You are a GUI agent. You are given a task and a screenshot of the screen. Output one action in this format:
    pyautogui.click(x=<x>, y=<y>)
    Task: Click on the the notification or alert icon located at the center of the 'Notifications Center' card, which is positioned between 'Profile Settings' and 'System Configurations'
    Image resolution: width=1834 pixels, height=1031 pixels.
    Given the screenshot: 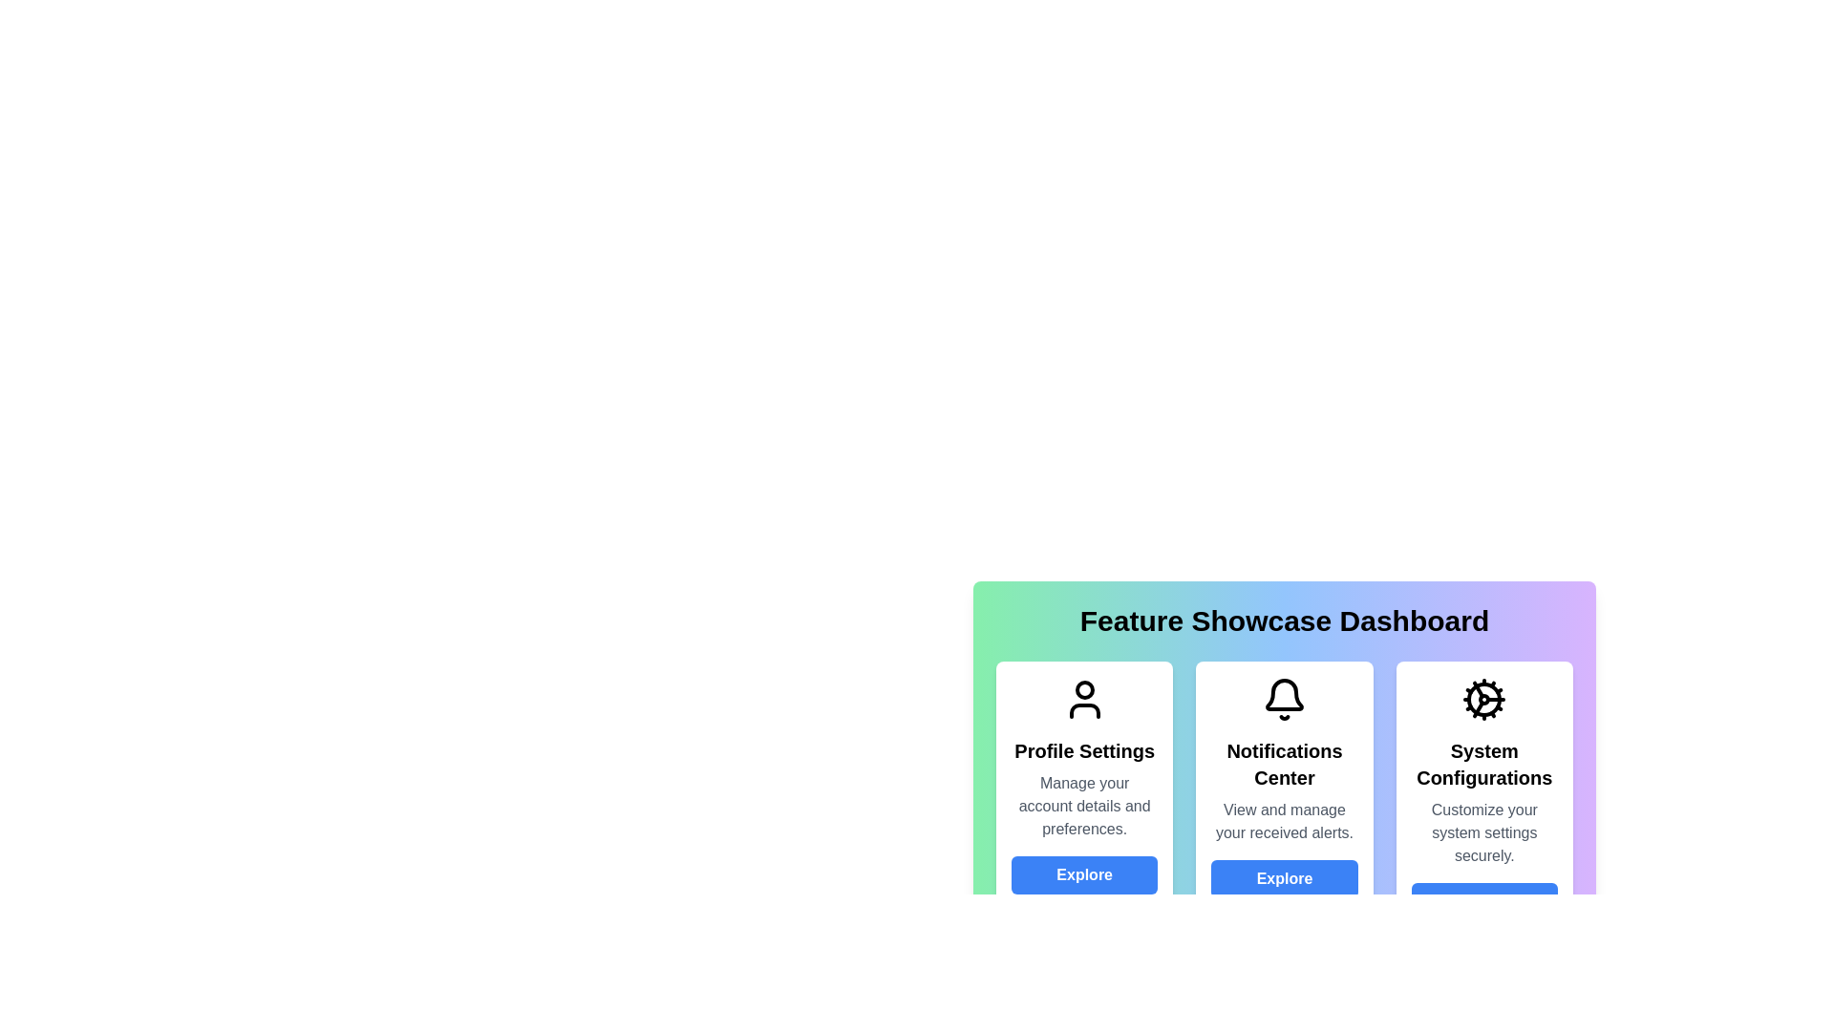 What is the action you would take?
    pyautogui.click(x=1284, y=695)
    